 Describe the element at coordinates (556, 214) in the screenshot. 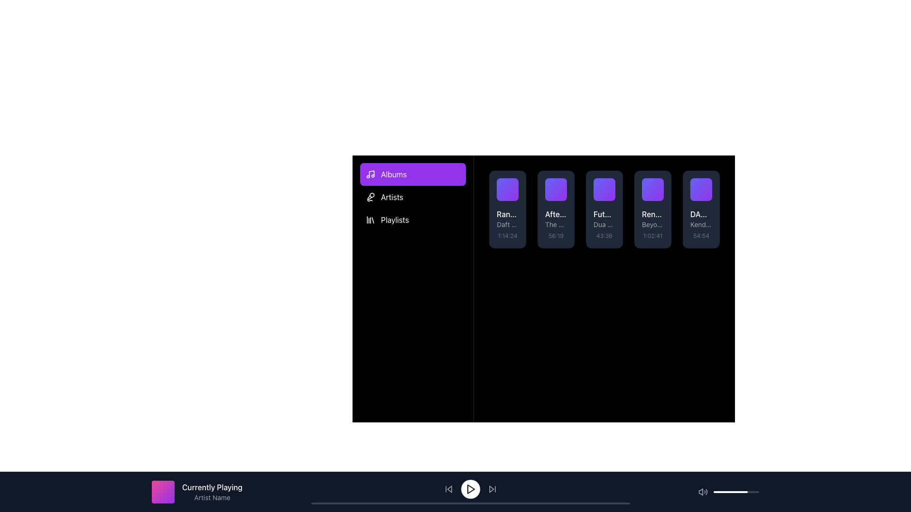

I see `text content of the 'After Hours' label, which is a white, medium font text element positioned centrally beneath a square image placeholder` at that location.